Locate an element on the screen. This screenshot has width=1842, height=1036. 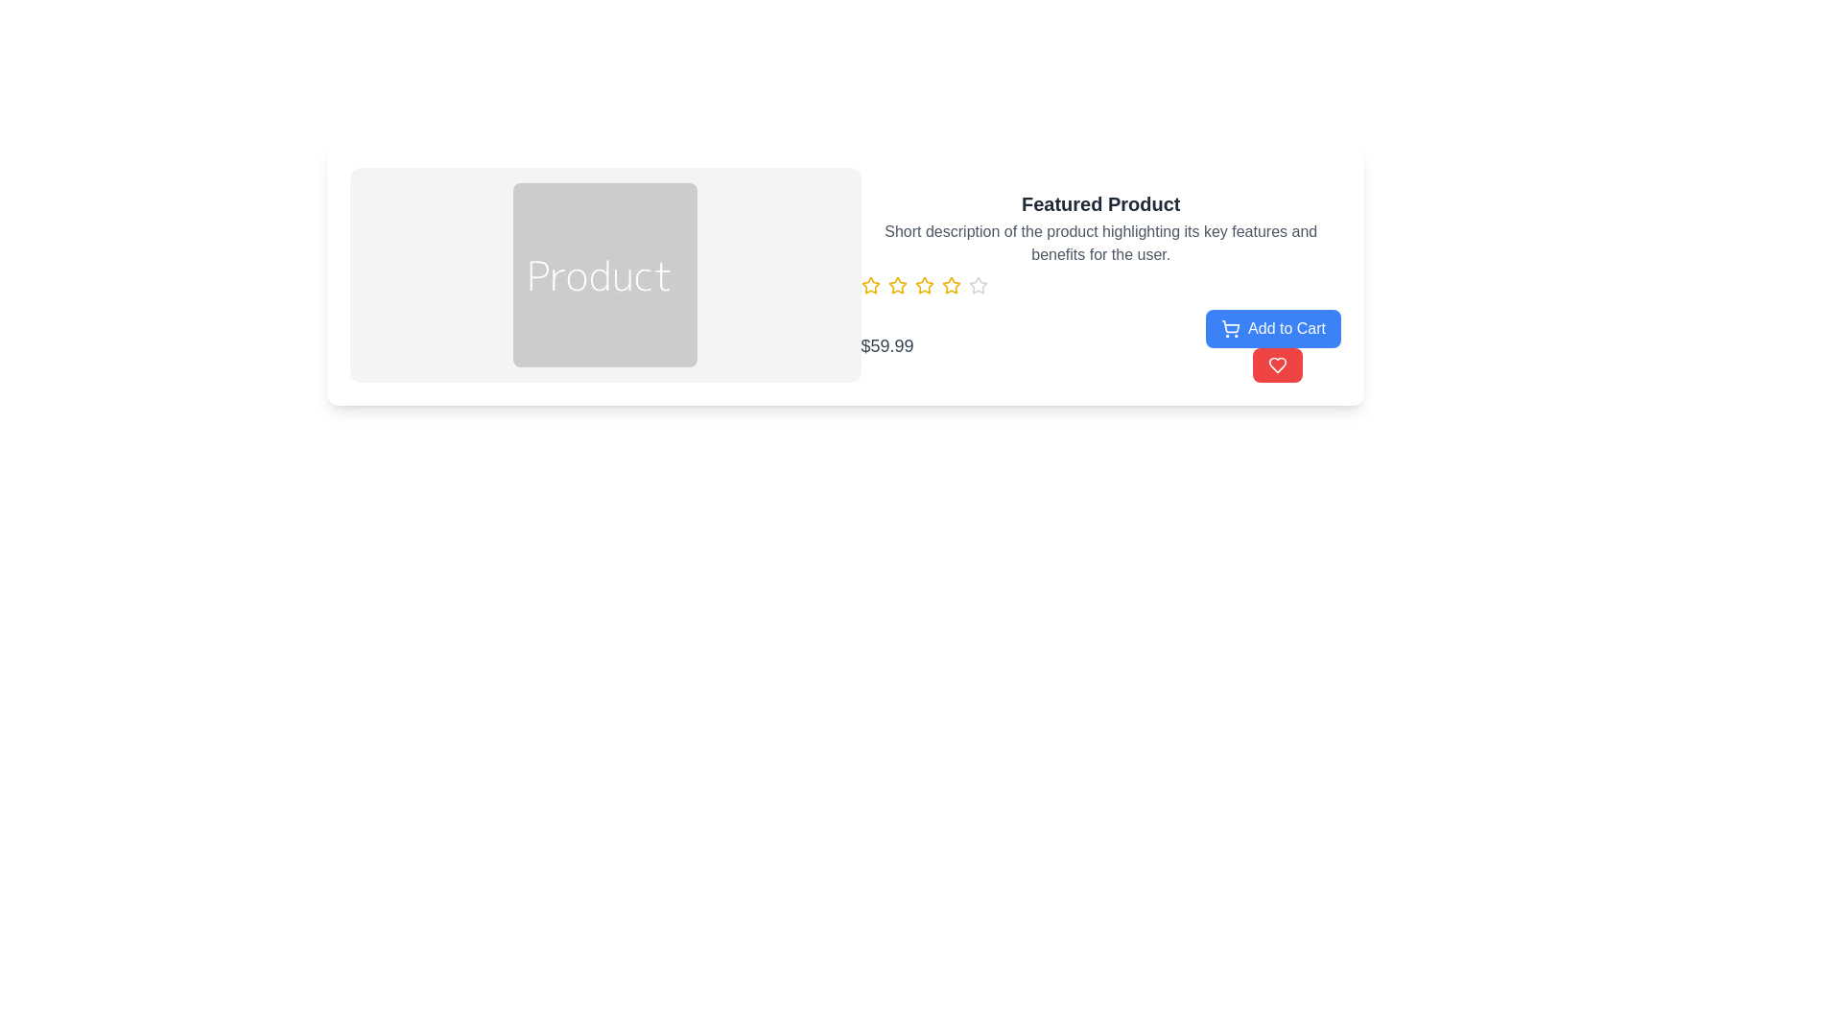
the second star icon in the rating system is located at coordinates (896, 286).